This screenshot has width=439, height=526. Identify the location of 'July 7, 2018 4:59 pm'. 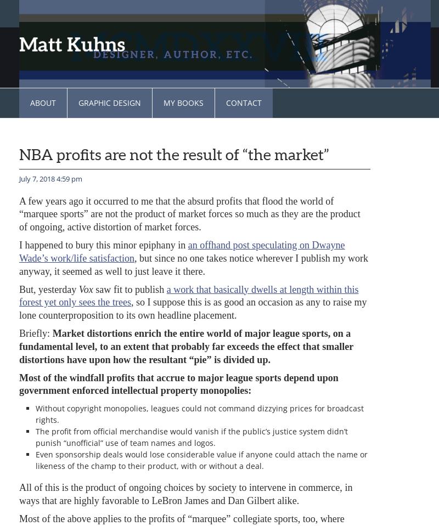
(50, 178).